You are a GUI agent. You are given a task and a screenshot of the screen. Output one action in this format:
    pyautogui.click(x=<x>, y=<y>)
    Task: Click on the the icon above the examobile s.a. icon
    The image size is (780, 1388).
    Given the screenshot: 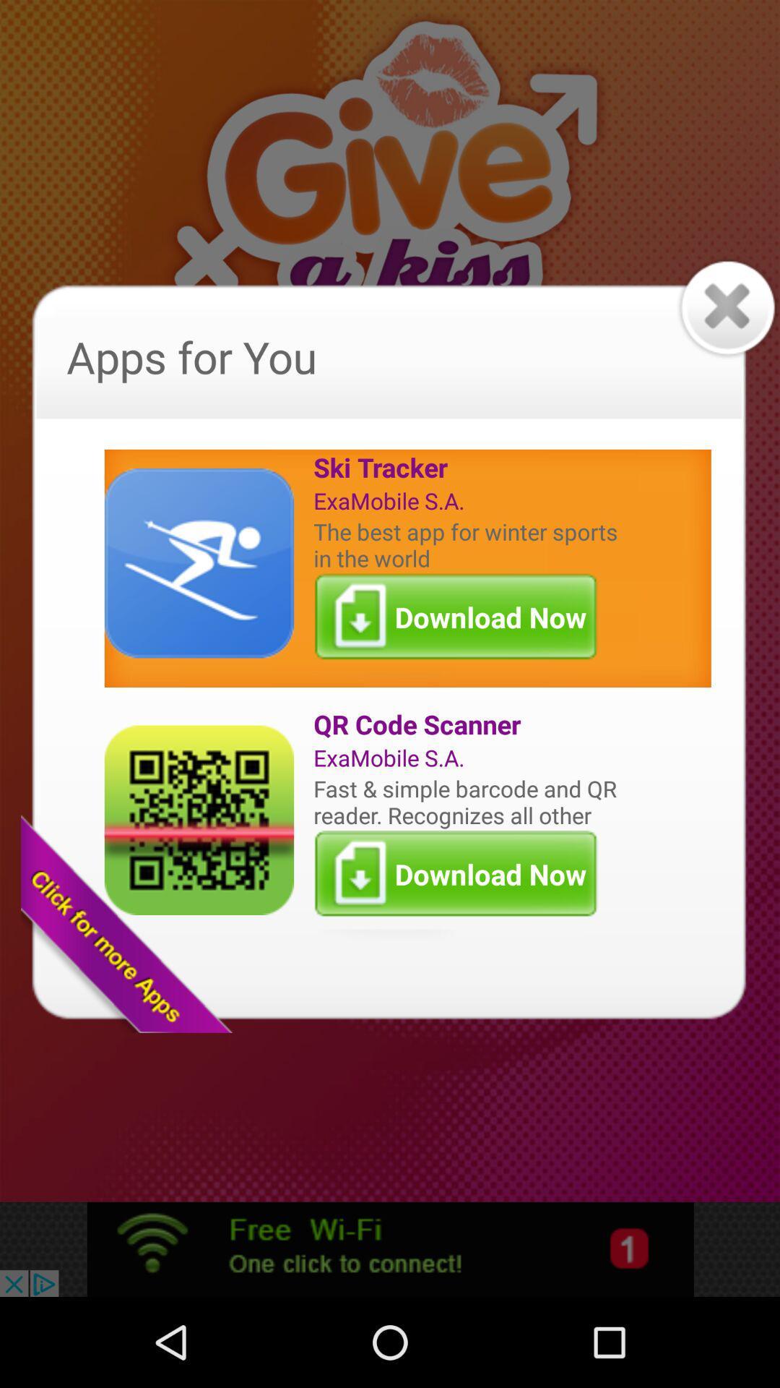 What is the action you would take?
    pyautogui.click(x=469, y=724)
    